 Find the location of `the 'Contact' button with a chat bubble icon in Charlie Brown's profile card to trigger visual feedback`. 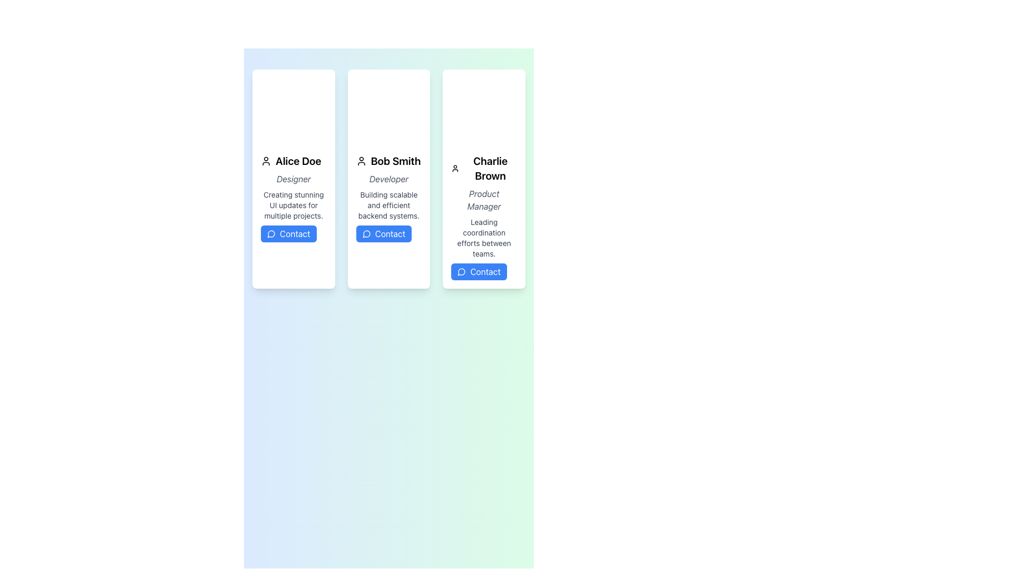

the 'Contact' button with a chat bubble icon in Charlie Brown's profile card to trigger visual feedback is located at coordinates (479, 271).